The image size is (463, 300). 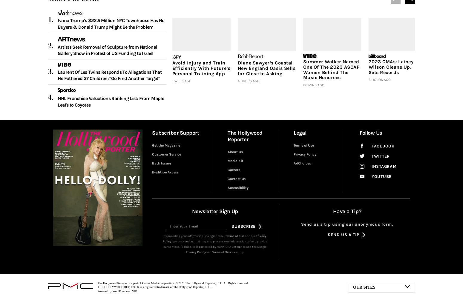 What do you see at coordinates (343, 235) in the screenshot?
I see `'Send Us a Tip'` at bounding box center [343, 235].